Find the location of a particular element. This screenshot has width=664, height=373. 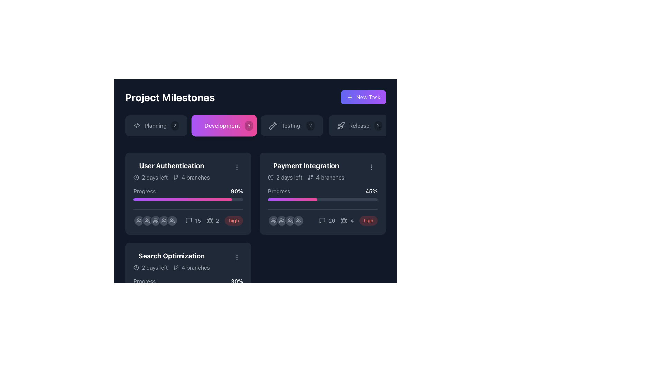

the SVG icon representing code, located on the left side of the 'Planning' button in the horizontal navigation bar at the top of the interface is located at coordinates (137, 125).